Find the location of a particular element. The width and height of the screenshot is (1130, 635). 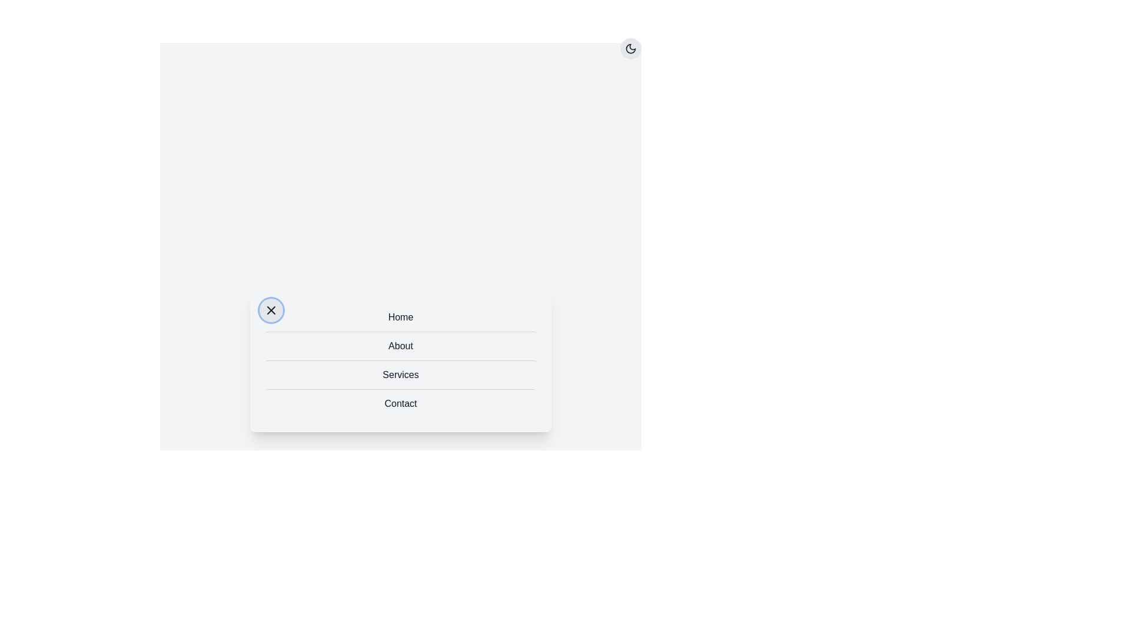

the dark mode toggle button located at the top-right corner of the screen is located at coordinates (630, 48).